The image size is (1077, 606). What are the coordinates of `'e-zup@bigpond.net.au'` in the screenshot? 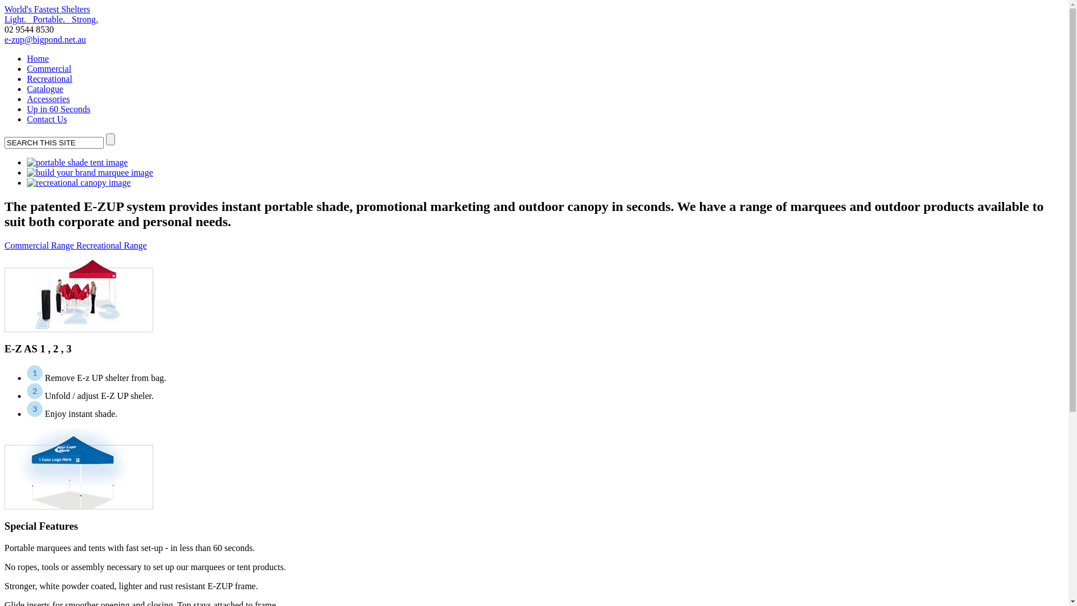 It's located at (45, 39).